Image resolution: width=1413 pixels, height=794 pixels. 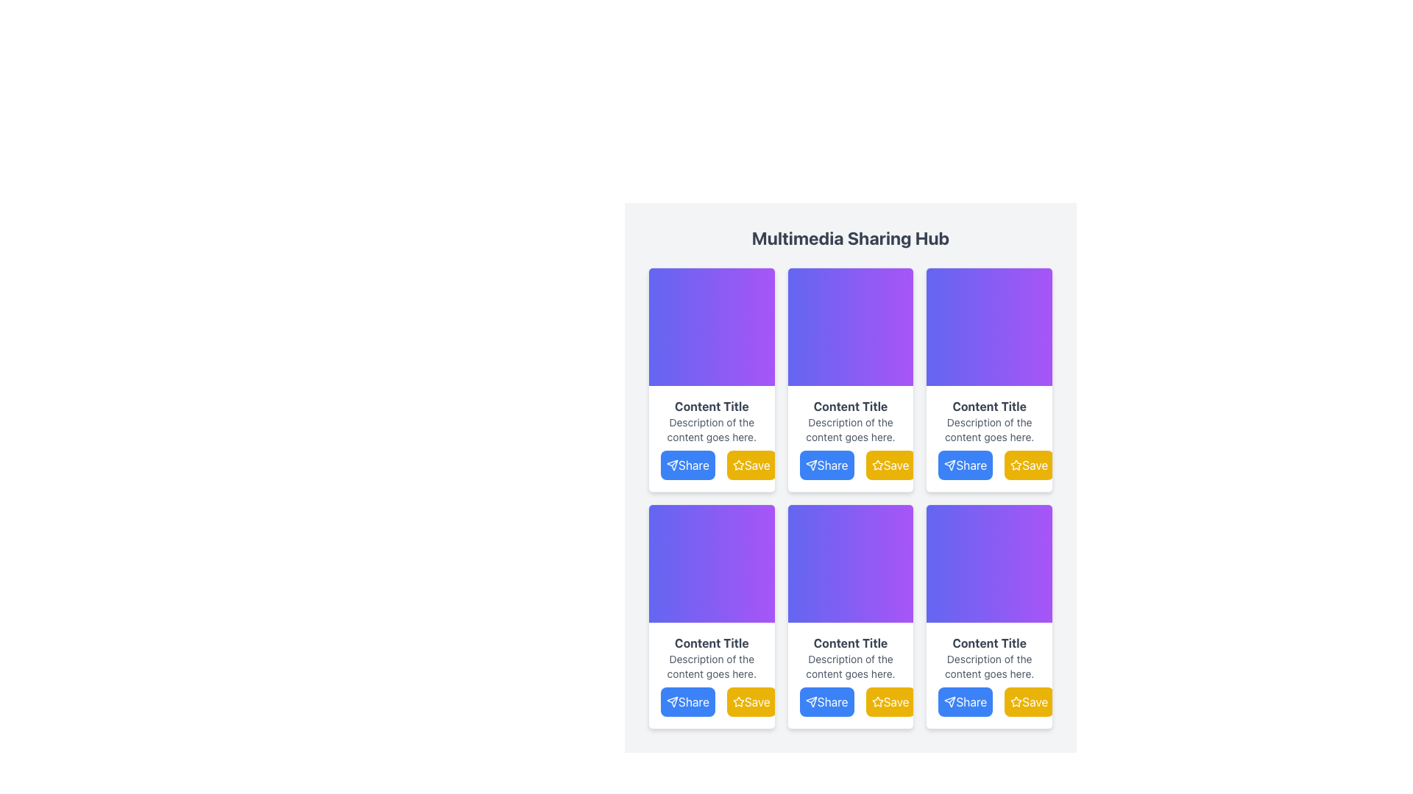 I want to click on the 'Save' button, so click(x=751, y=701).